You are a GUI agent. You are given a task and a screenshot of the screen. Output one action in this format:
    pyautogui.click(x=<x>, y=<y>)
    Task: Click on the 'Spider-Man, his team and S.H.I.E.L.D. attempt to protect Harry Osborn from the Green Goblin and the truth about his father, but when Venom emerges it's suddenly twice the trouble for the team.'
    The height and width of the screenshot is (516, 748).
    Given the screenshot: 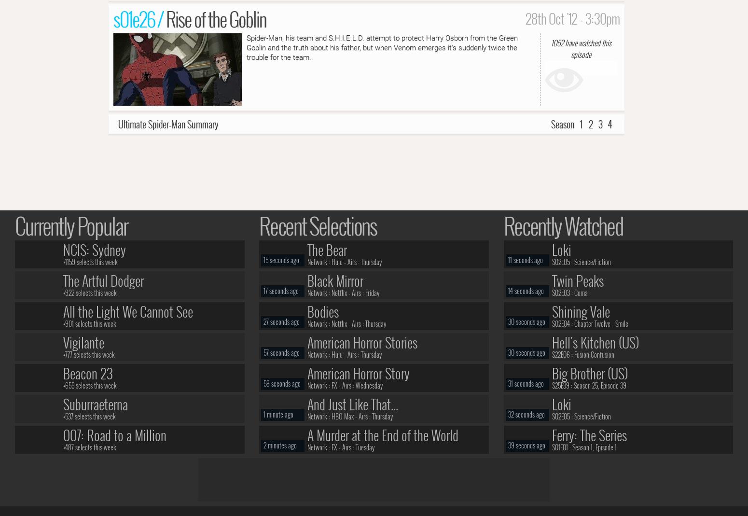 What is the action you would take?
    pyautogui.click(x=382, y=47)
    